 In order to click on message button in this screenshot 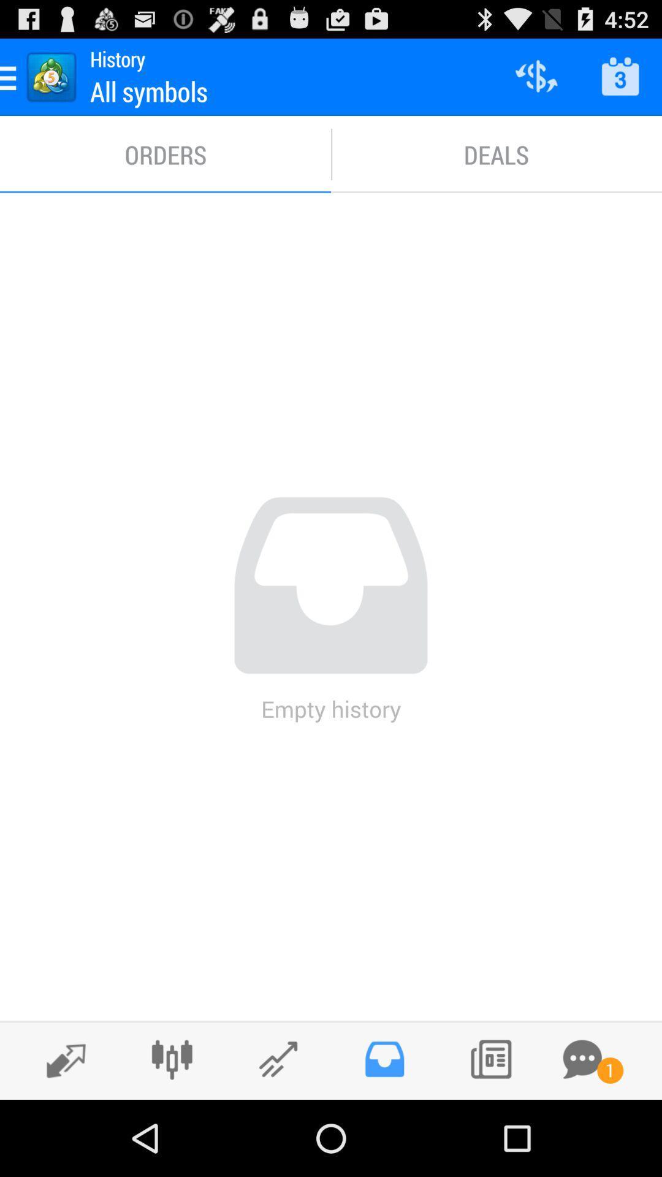, I will do `click(582, 1059)`.